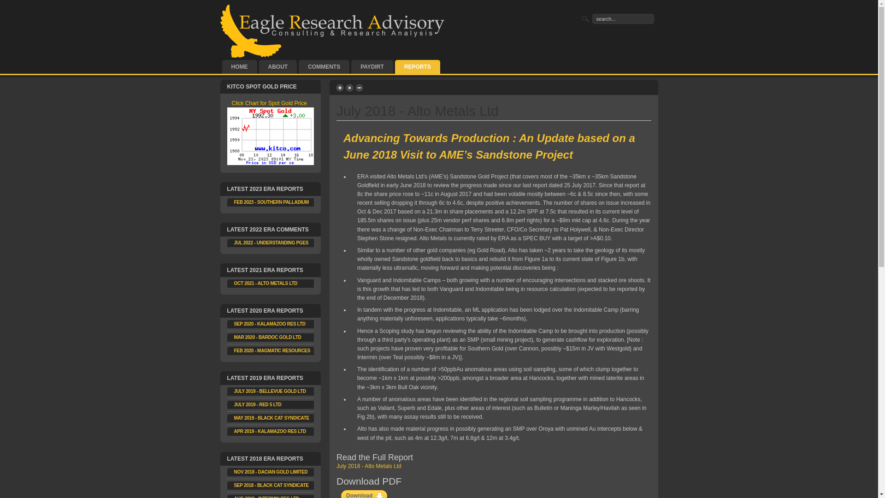 The image size is (885, 498). What do you see at coordinates (269, 391) in the screenshot?
I see `'JULY 2019 - BELLEVUE GOLD LTD'` at bounding box center [269, 391].